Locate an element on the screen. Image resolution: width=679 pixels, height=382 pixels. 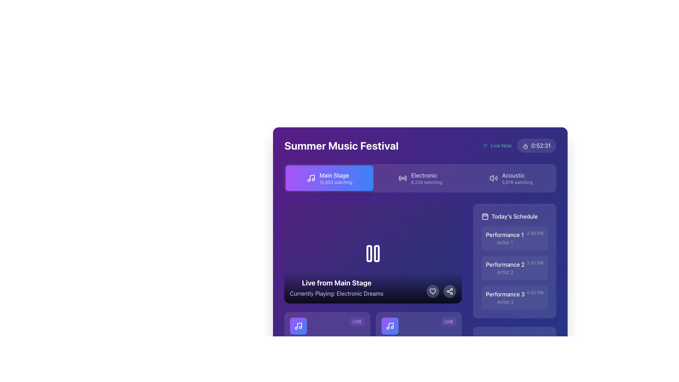
the decorative music icon within the 'Main Stage' button at the Summer Music Festival section is located at coordinates (311, 178).